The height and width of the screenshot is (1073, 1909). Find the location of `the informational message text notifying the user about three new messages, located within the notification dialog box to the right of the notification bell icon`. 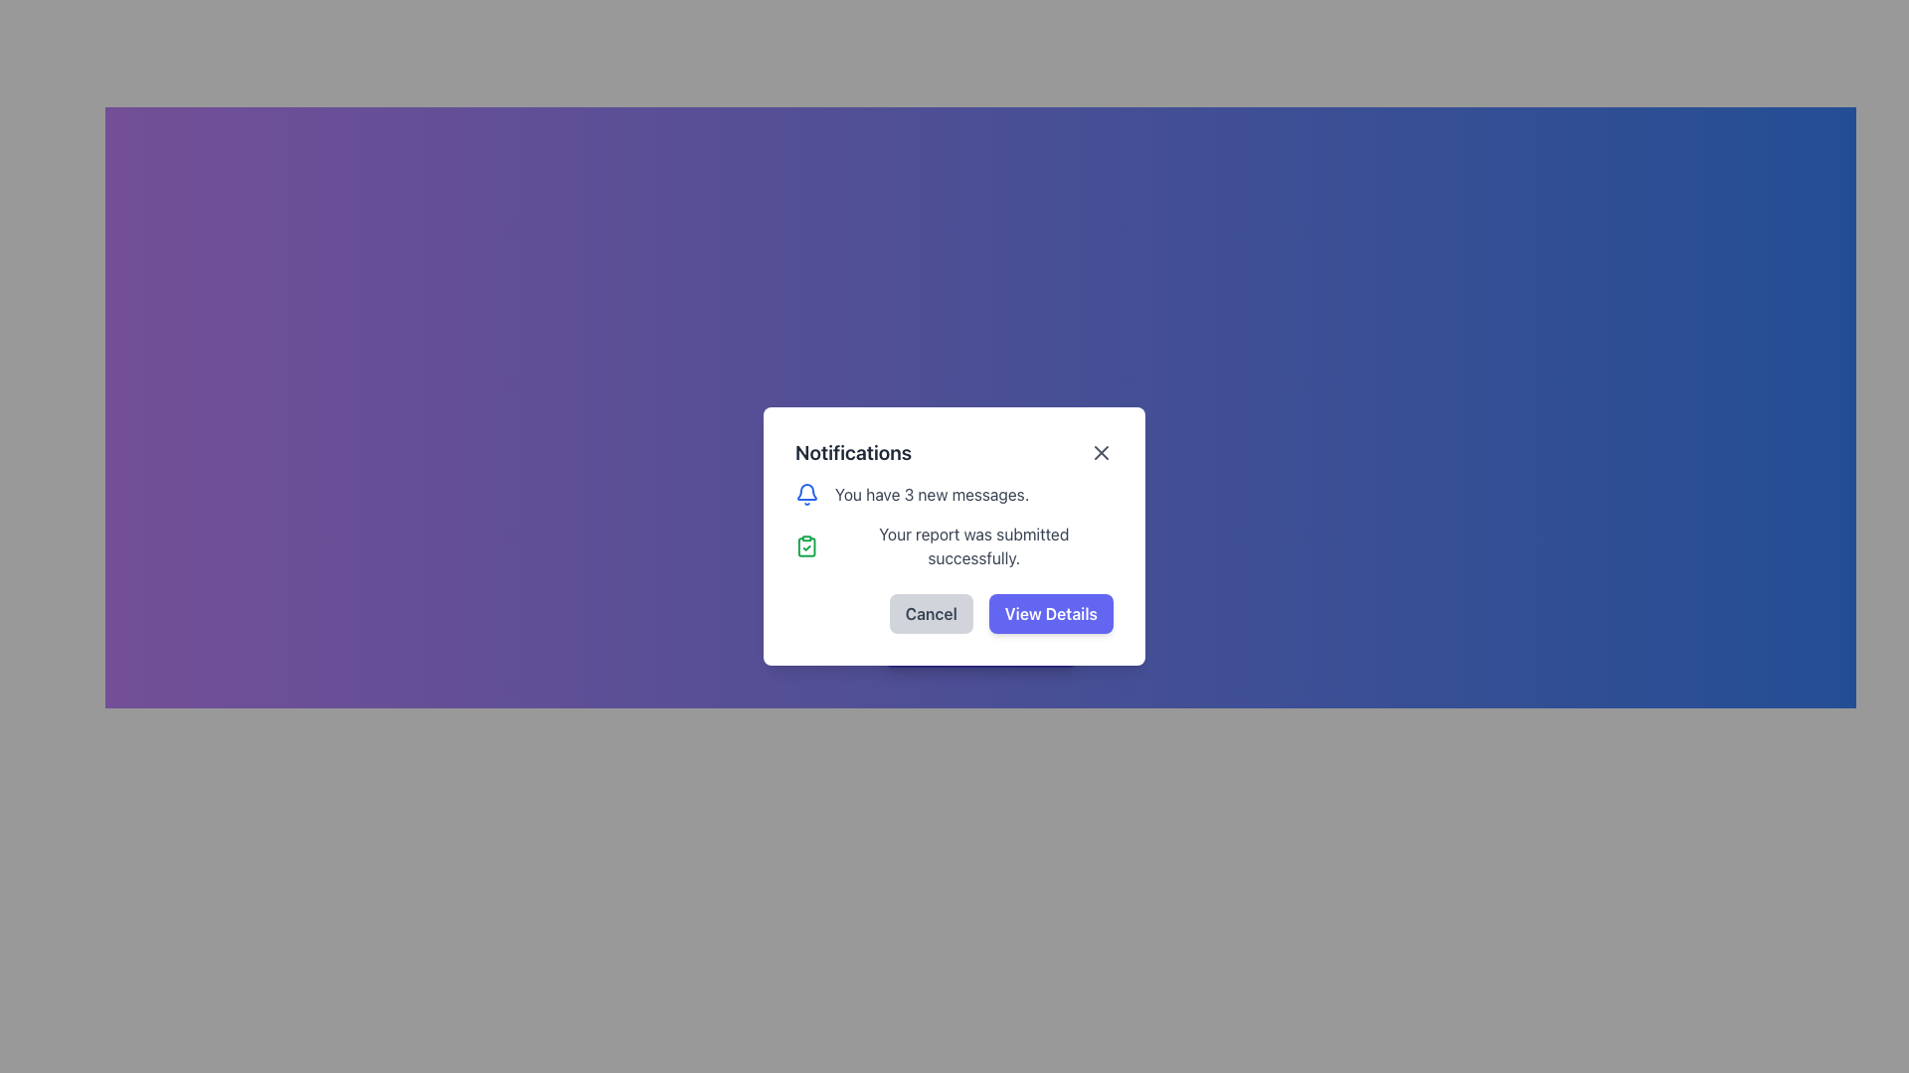

the informational message text notifying the user about three new messages, located within the notification dialog box to the right of the notification bell icon is located at coordinates (931, 493).